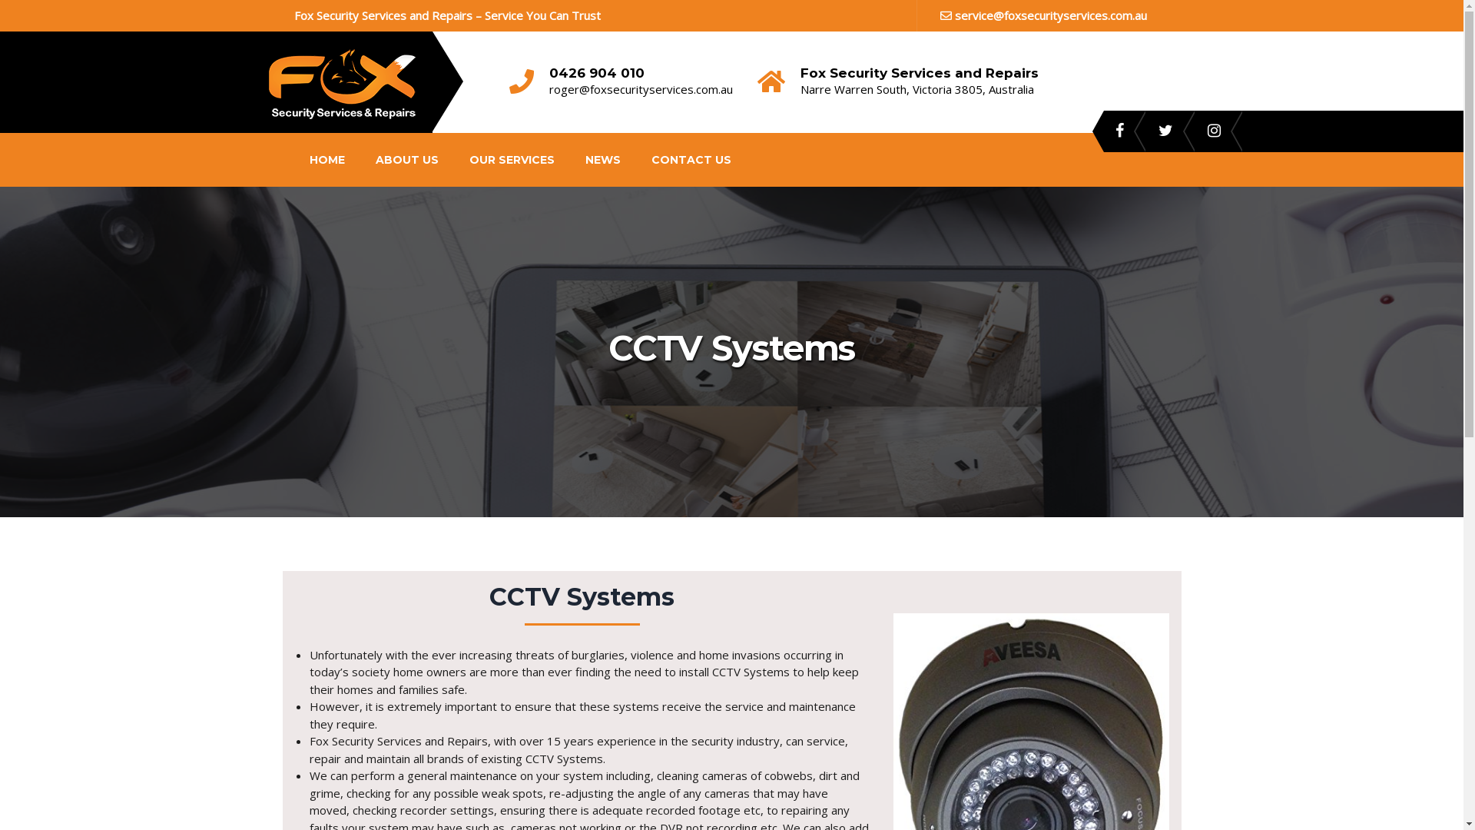  What do you see at coordinates (940, 15) in the screenshot?
I see `'service@foxsecurityservices.com.au'` at bounding box center [940, 15].